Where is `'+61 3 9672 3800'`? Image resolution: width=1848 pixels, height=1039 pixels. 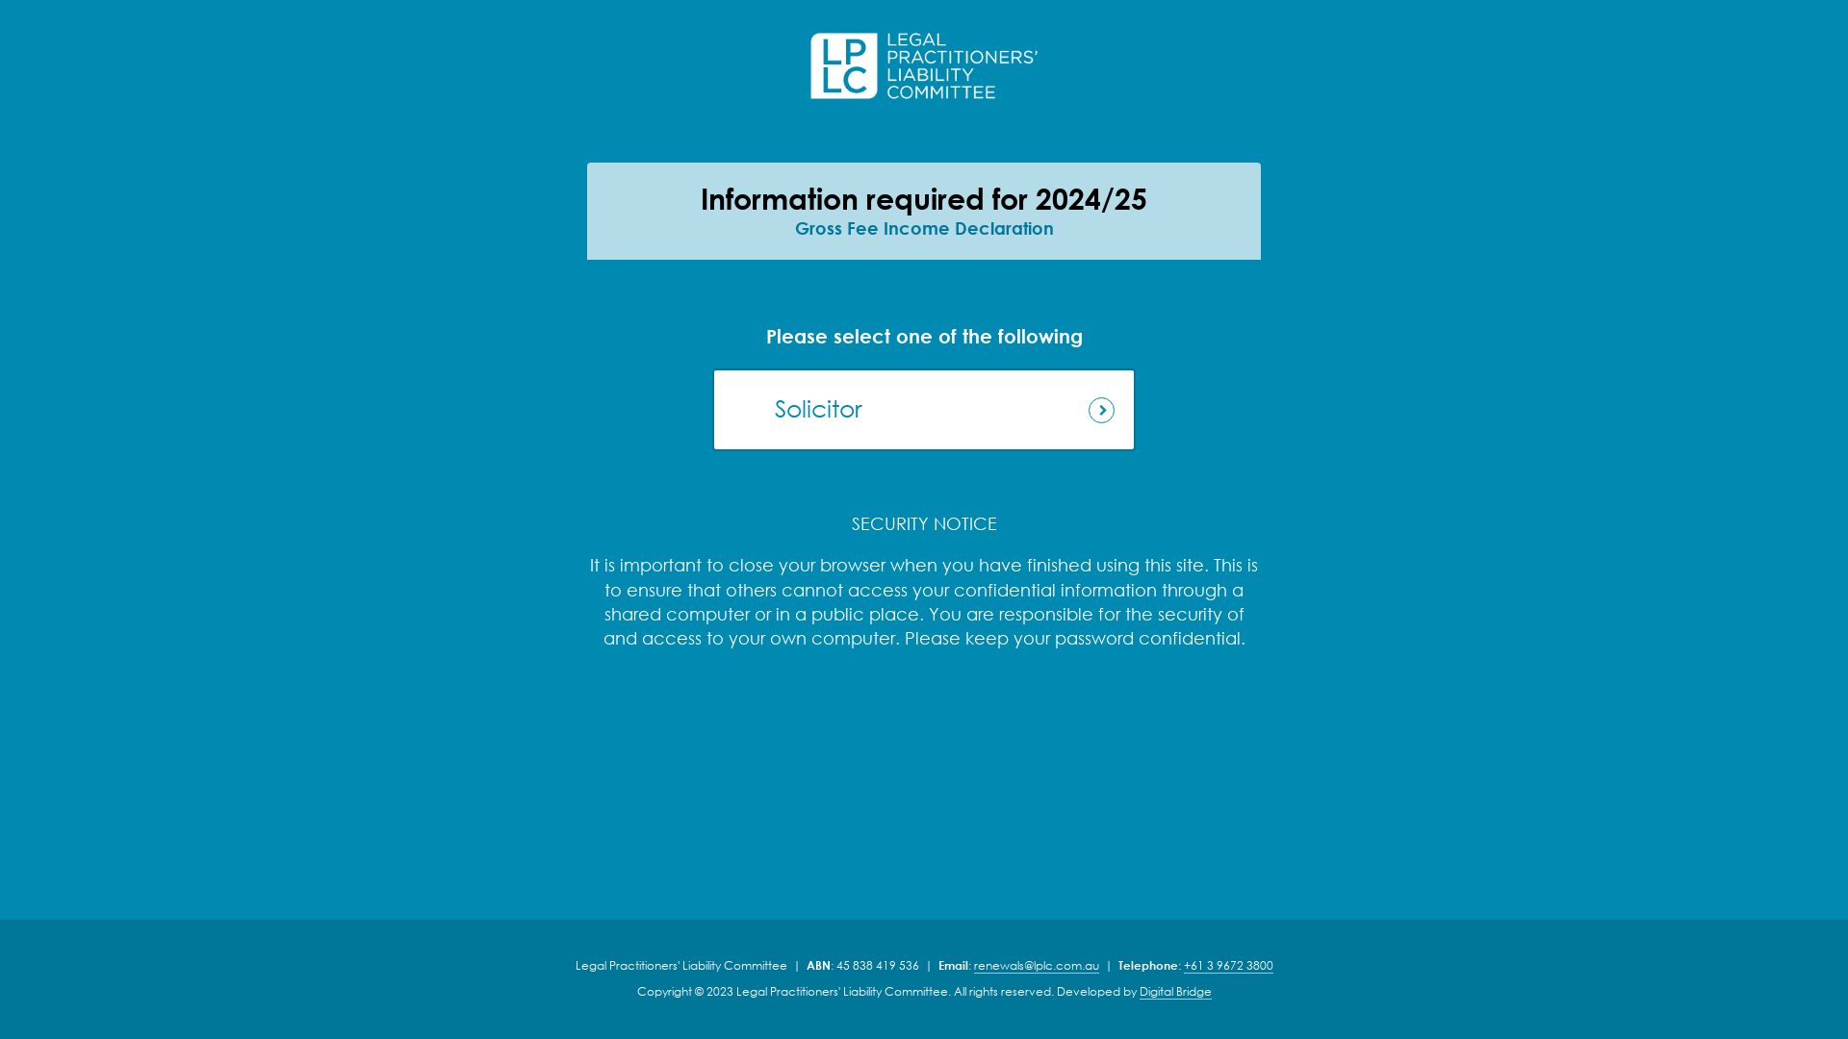
'+61 3 9672 3800' is located at coordinates (1227, 965).